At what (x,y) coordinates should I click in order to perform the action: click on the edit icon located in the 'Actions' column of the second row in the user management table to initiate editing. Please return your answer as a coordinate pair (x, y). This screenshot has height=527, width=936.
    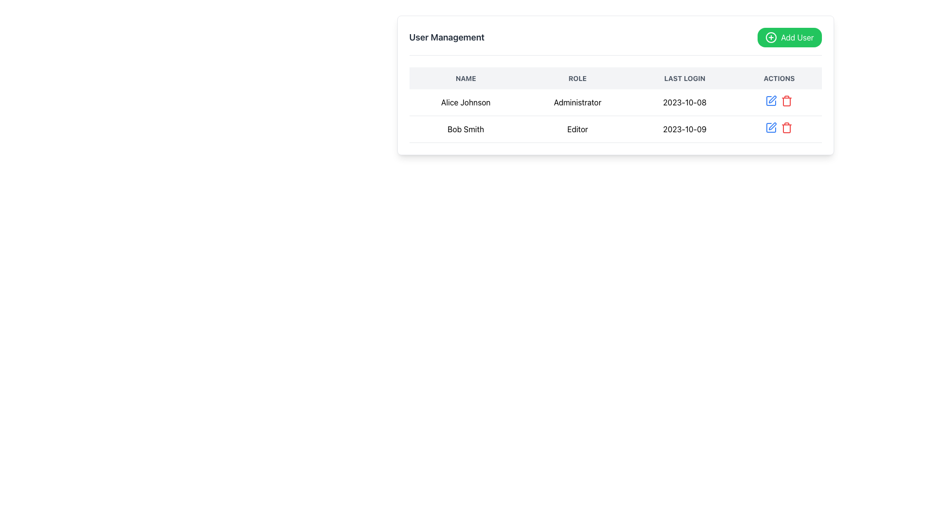
    Looking at the image, I should click on (772, 100).